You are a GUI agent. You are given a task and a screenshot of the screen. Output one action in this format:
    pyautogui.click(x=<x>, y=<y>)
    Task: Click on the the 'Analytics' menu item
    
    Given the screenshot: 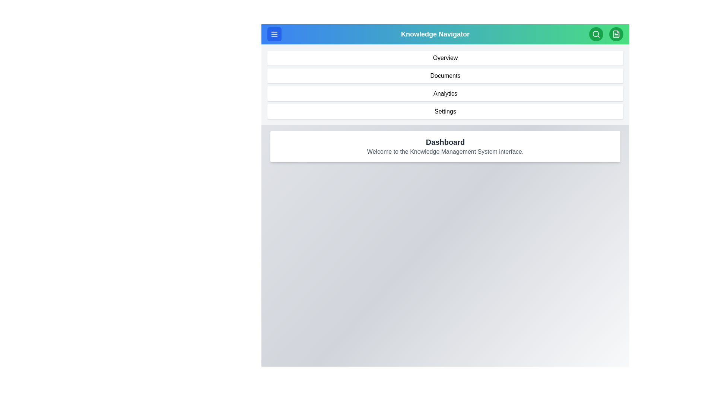 What is the action you would take?
    pyautogui.click(x=445, y=93)
    